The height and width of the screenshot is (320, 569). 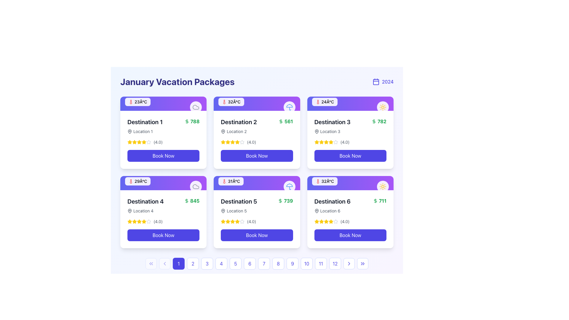 I want to click on the star icon representing the rating for 'Destination 3' located in the first row and third column of the grid, so click(x=316, y=142).